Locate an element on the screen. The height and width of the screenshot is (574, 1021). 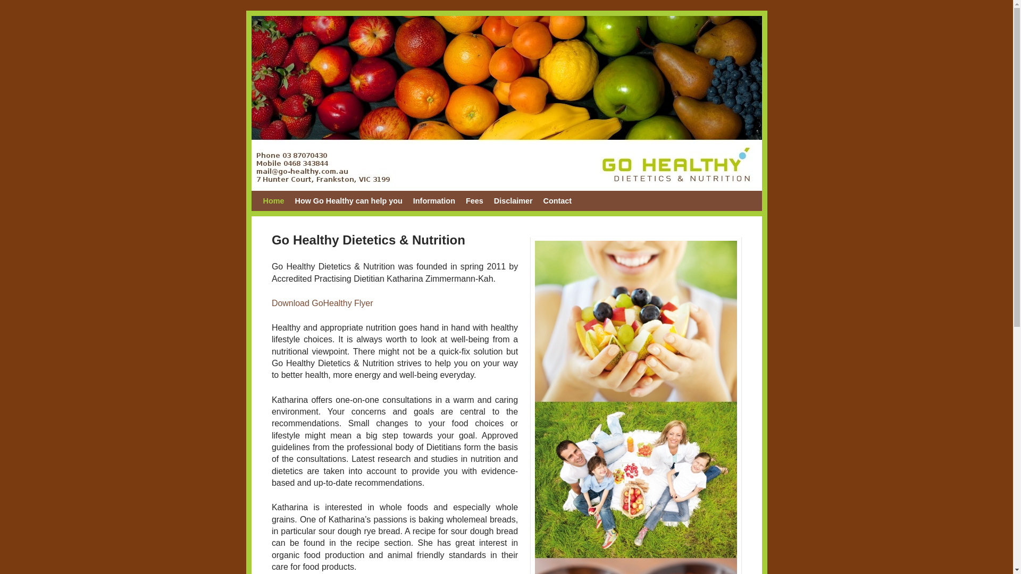
'Home' is located at coordinates (273, 201).